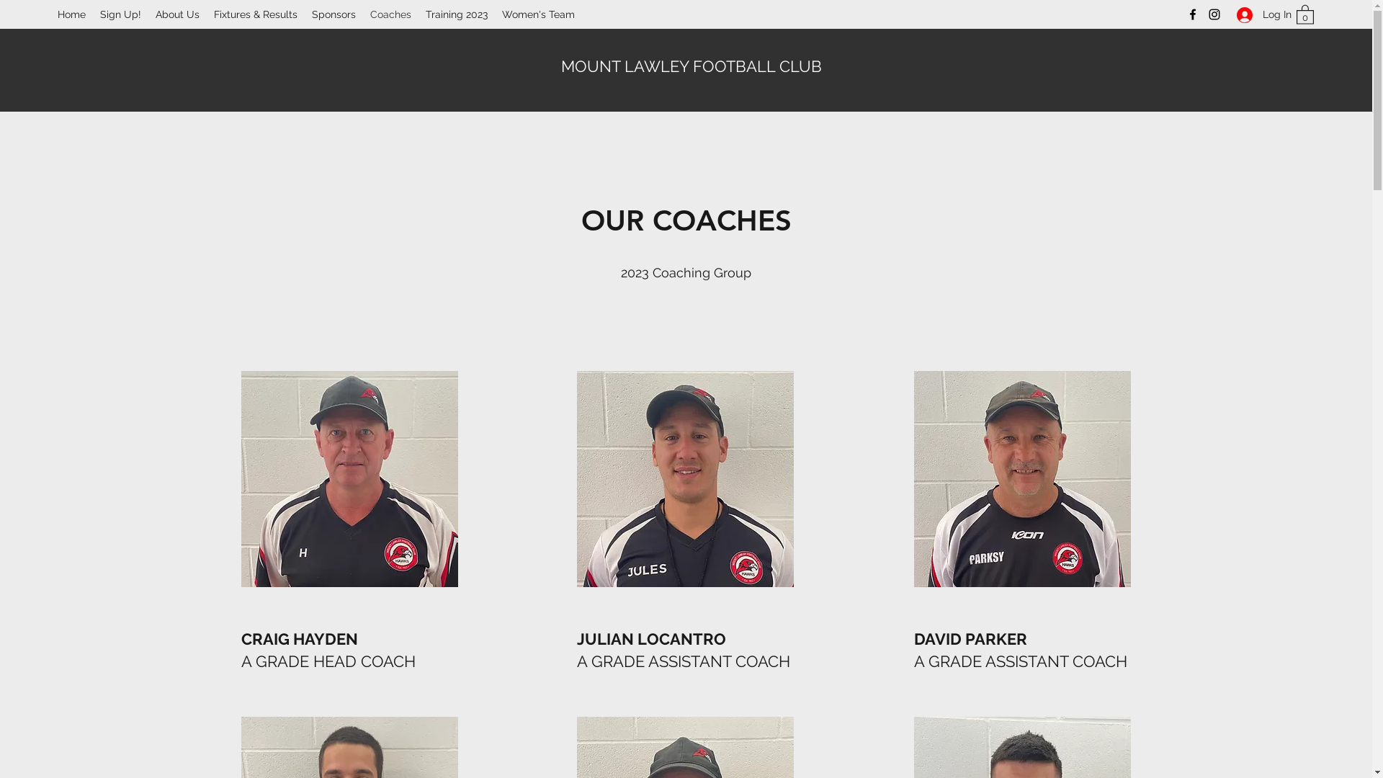 The width and height of the screenshot is (1383, 778). What do you see at coordinates (176, 14) in the screenshot?
I see `'About Us'` at bounding box center [176, 14].